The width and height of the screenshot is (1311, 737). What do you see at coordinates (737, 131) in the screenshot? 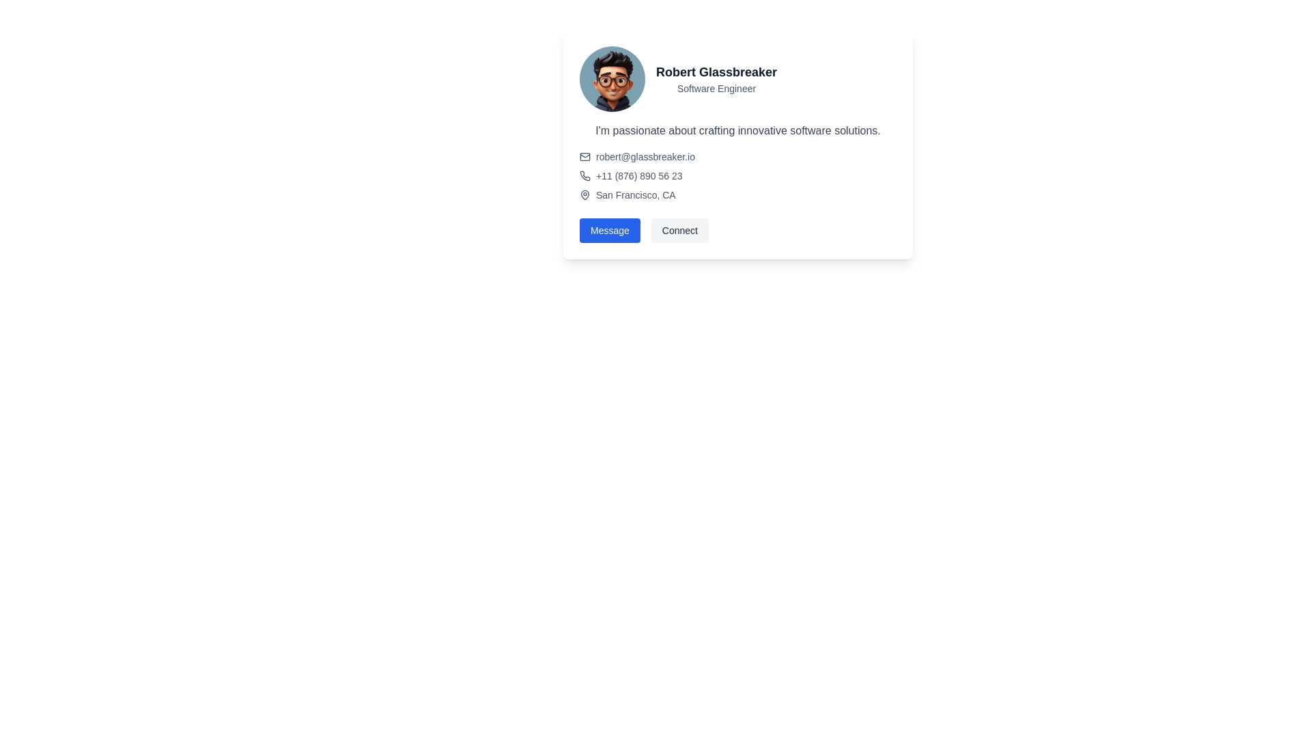
I see `the text element displaying 'I'm passionate about crafting innovative software solutions.' which is located in the card layout below the name 'Robert Glassbreaker' and the title 'Software Engineer'` at bounding box center [737, 131].